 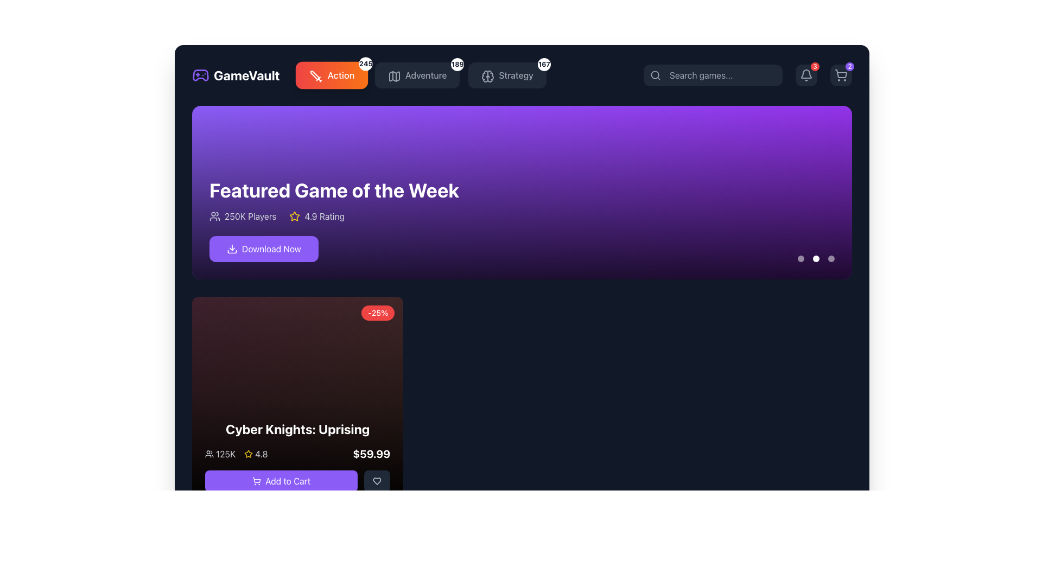 What do you see at coordinates (288, 481) in the screenshot?
I see `the 'Add to Cart' text label on the violet button to change its style` at bounding box center [288, 481].